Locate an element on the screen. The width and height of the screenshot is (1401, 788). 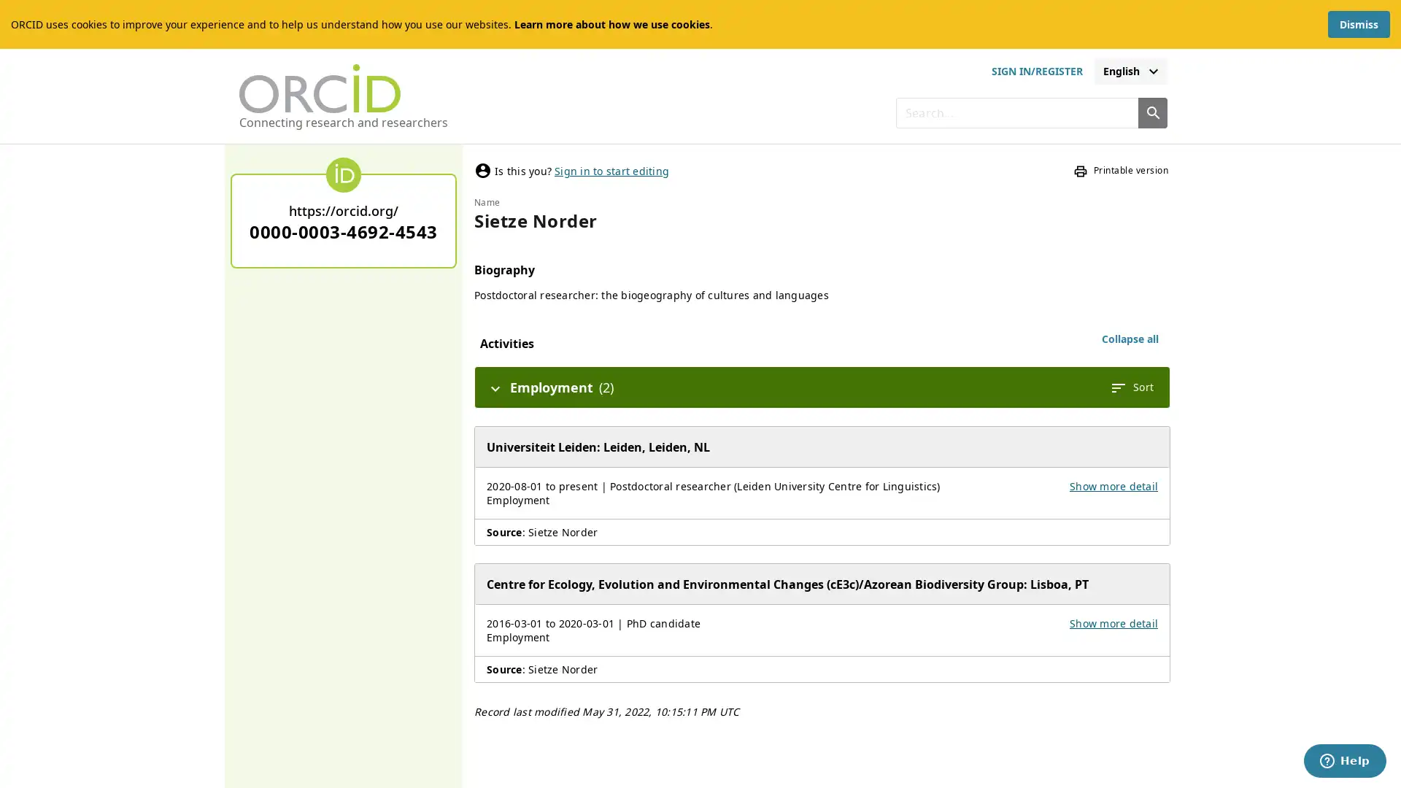
Hide details is located at coordinates (495, 387).